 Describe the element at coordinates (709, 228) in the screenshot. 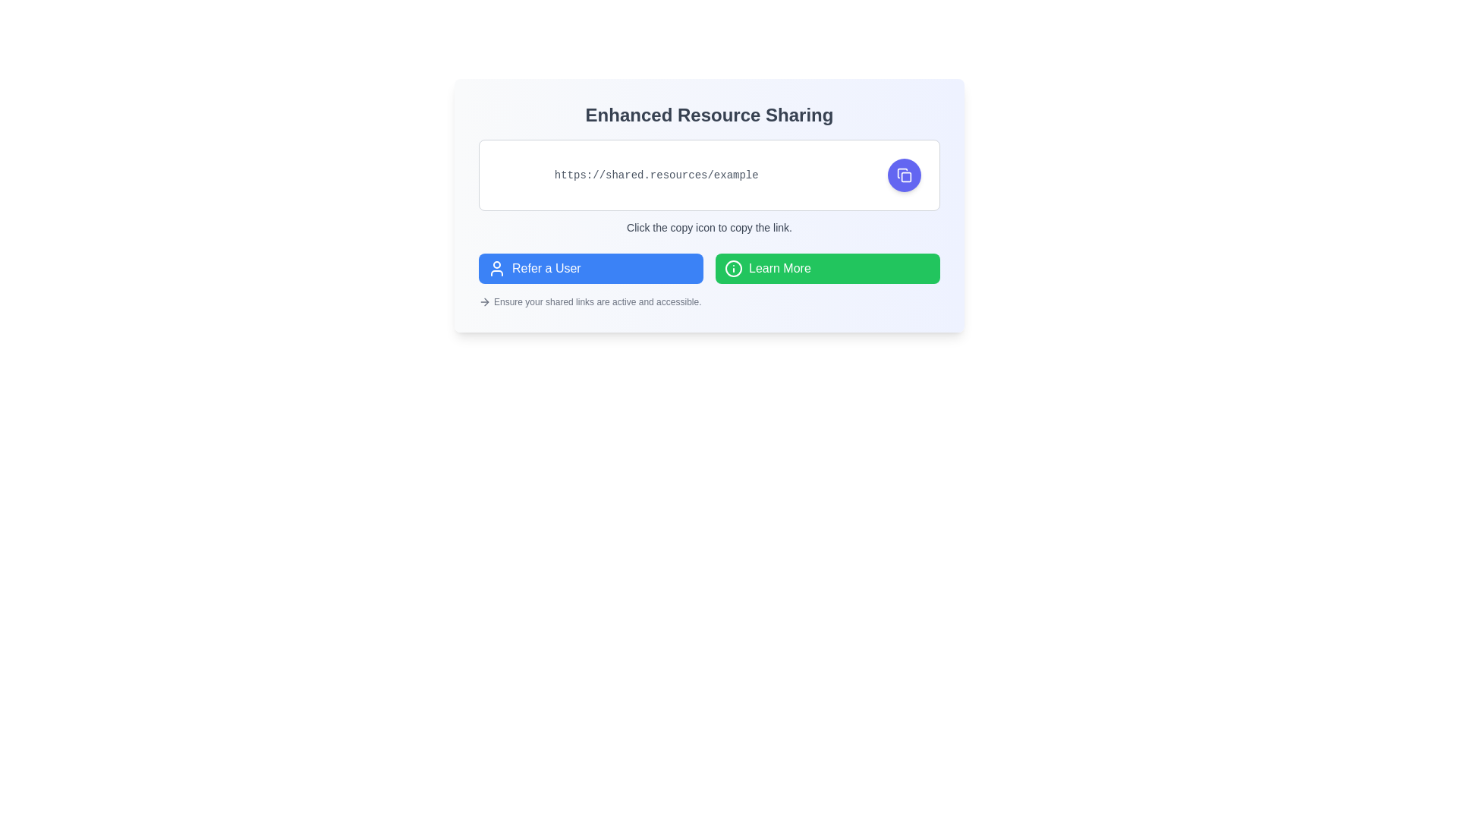

I see `the informational text label that reads 'Click the copy icon to copy the link.', styled with a gray font, located underneath the URL display box and adjacent to the copy button` at that location.